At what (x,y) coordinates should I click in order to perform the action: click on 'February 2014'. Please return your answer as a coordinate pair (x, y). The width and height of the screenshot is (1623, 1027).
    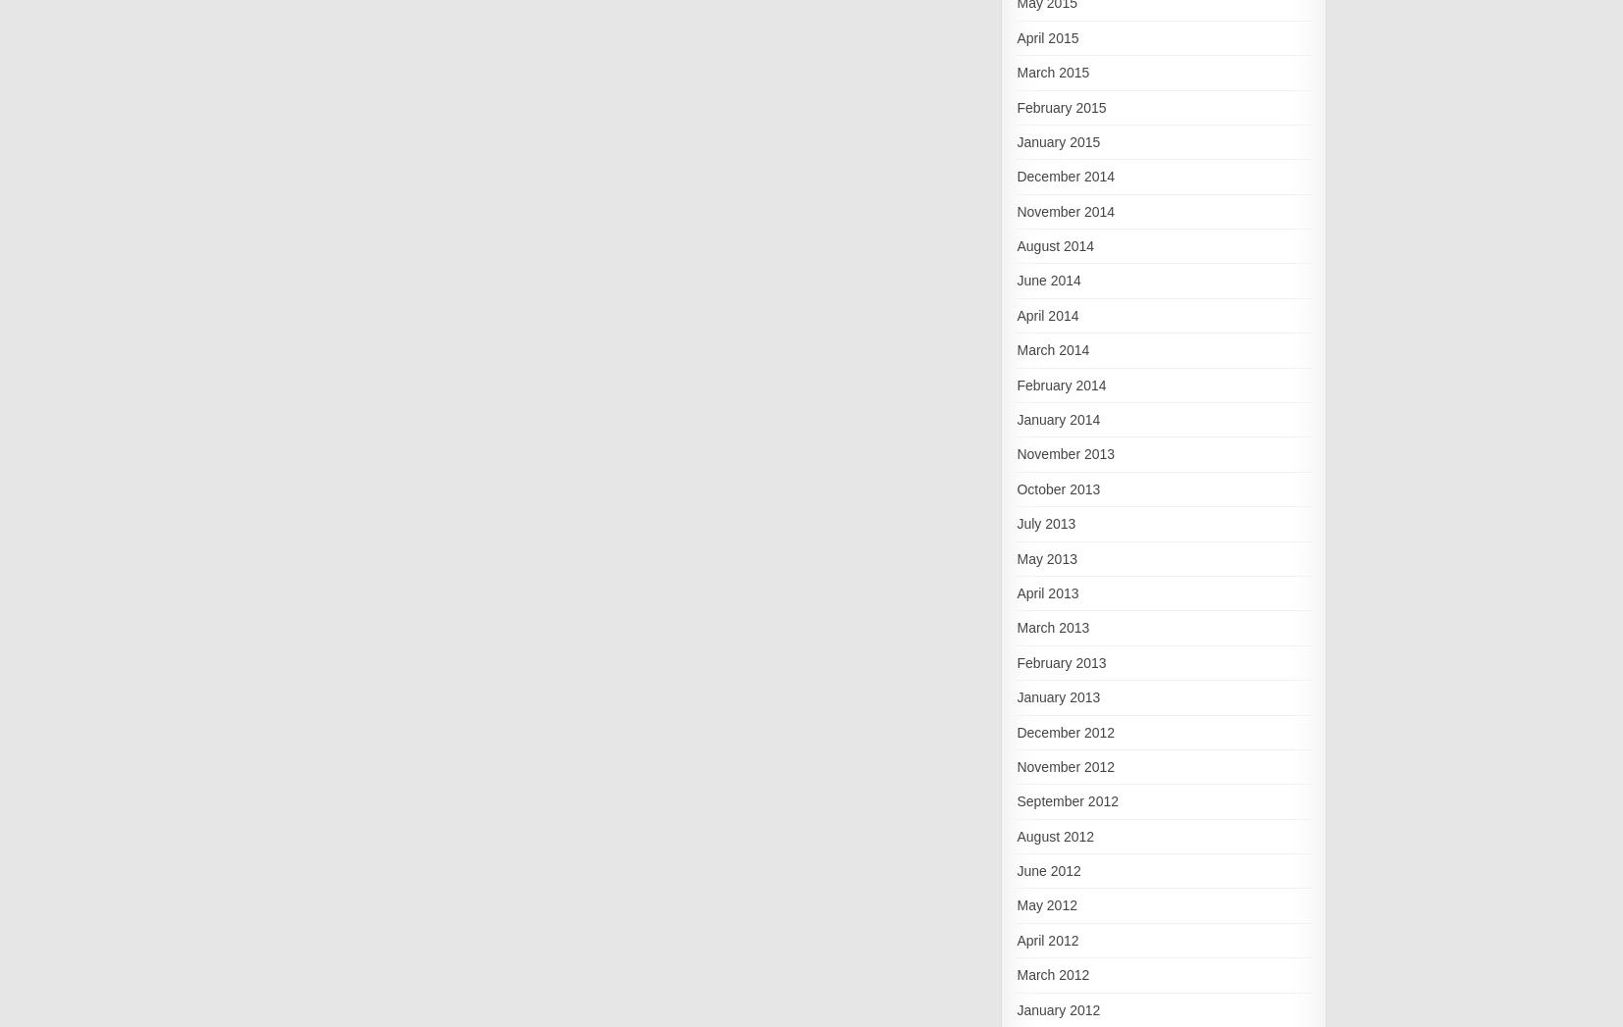
    Looking at the image, I should click on (1016, 383).